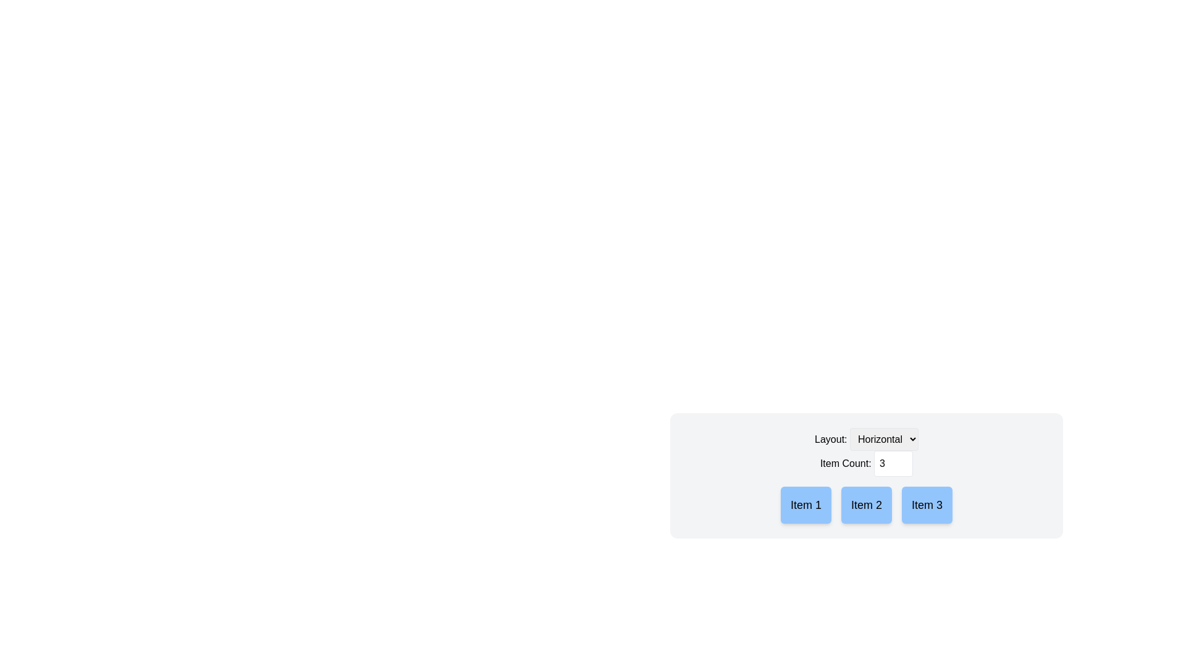  I want to click on the Dropdown menu located to the right of the word 'Layout:', so click(883, 438).